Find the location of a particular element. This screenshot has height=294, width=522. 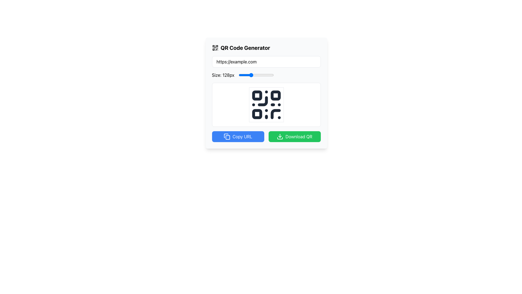

the QR code size is located at coordinates (243, 75).